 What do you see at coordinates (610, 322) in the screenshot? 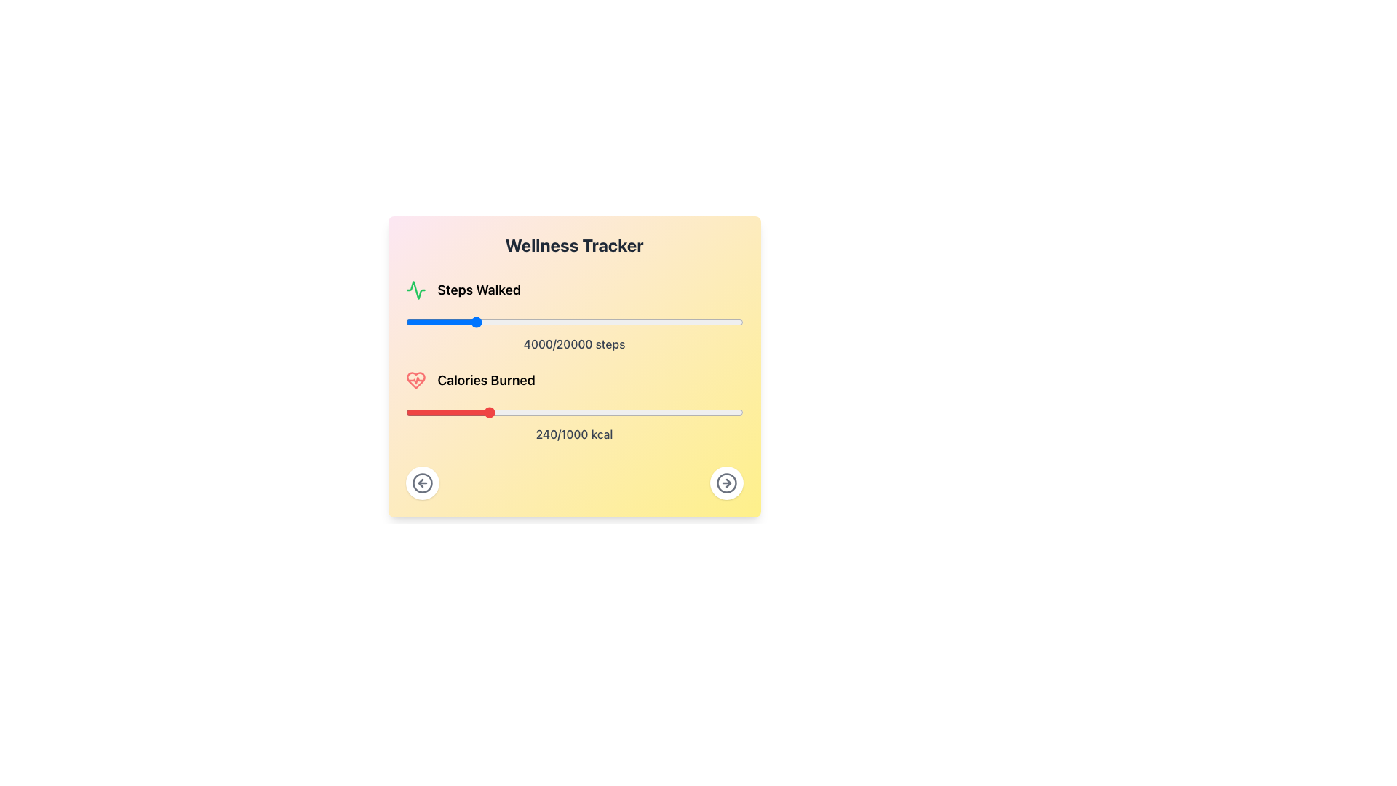
I see `the 'Steps Walked' slider` at bounding box center [610, 322].